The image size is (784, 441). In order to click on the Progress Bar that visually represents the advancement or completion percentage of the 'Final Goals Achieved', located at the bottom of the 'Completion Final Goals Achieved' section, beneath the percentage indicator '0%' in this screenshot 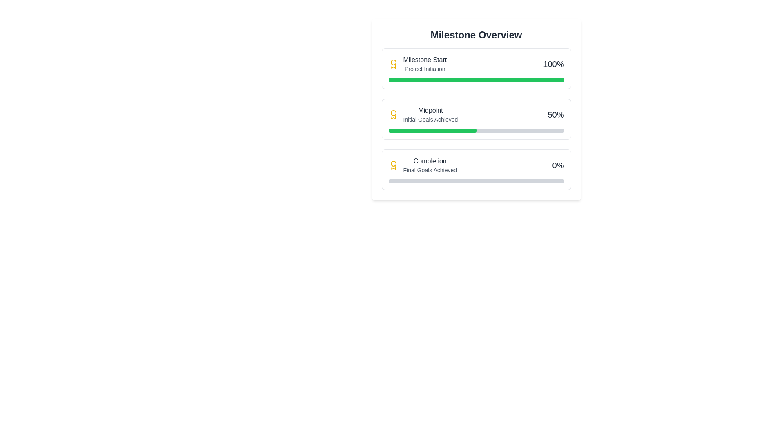, I will do `click(476, 180)`.